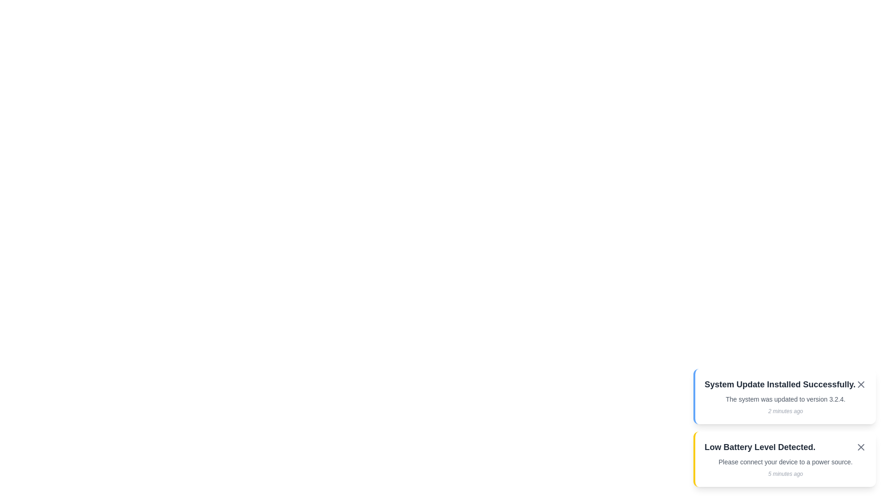 This screenshot has height=498, width=887. I want to click on the close button of the notification to dismiss it, so click(860, 384).